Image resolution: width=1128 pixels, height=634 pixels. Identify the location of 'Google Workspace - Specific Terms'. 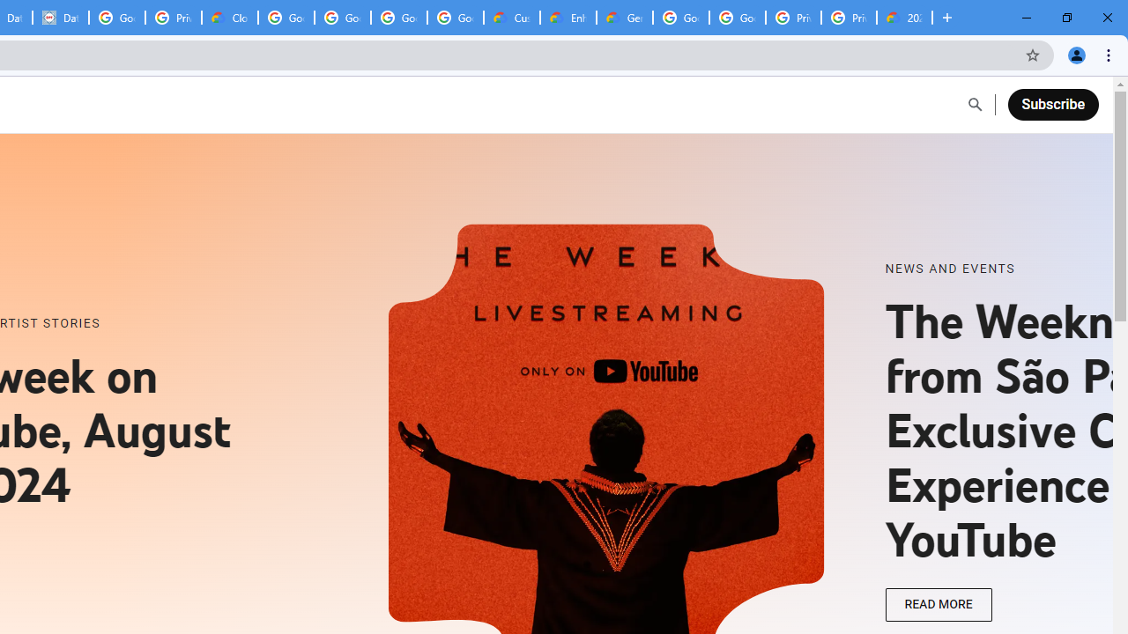
(398, 18).